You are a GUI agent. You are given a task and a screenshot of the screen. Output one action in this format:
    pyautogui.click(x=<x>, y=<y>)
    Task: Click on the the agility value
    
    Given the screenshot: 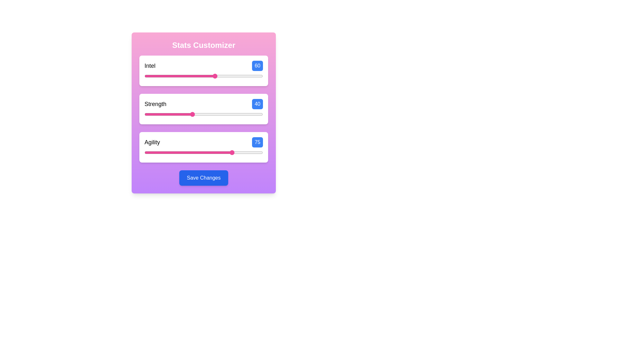 What is the action you would take?
    pyautogui.click(x=162, y=152)
    